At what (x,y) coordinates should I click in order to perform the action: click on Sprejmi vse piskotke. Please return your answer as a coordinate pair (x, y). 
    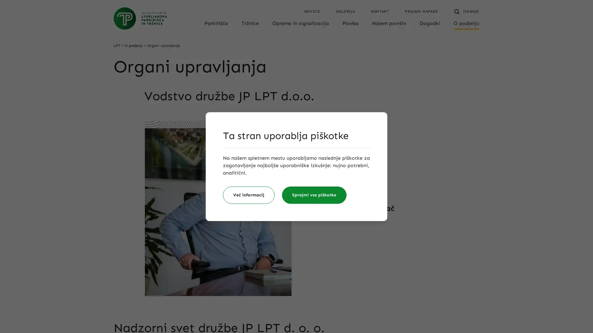
    Looking at the image, I should click on (314, 195).